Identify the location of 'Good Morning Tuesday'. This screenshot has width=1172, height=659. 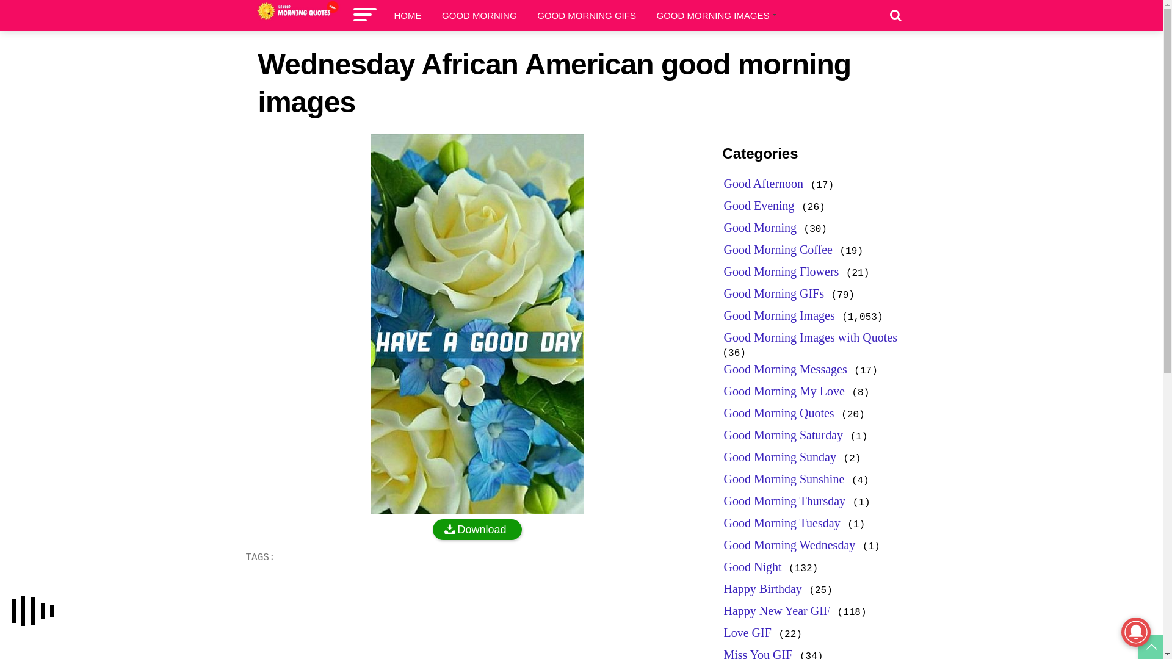
(782, 522).